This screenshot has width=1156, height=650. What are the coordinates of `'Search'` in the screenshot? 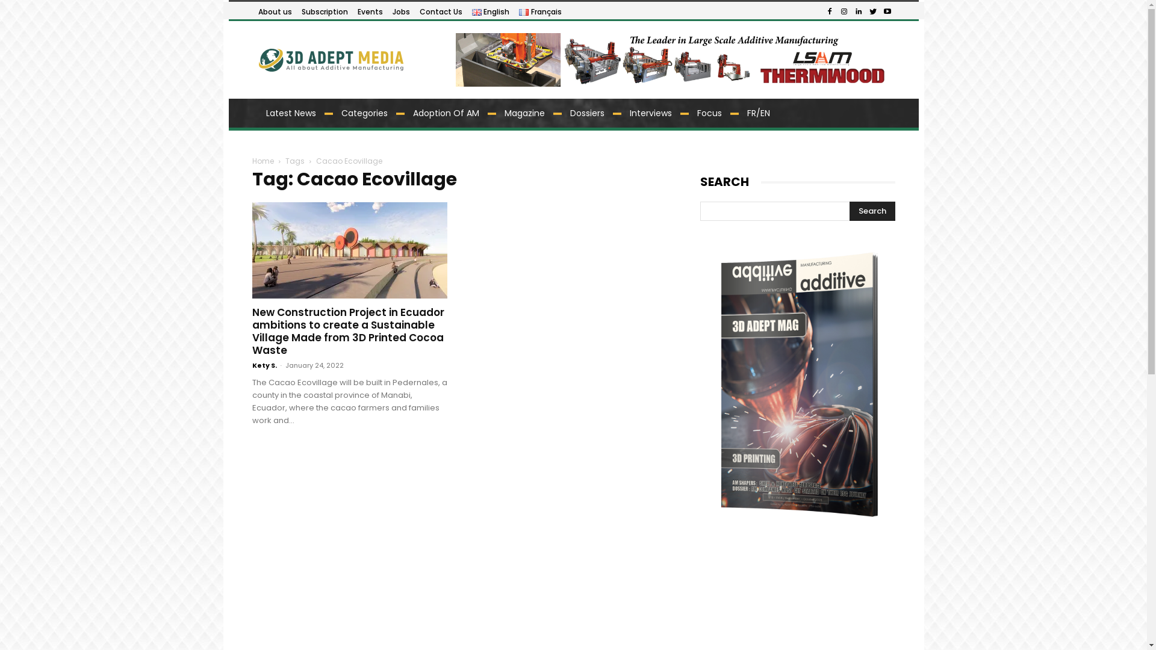 It's located at (872, 211).